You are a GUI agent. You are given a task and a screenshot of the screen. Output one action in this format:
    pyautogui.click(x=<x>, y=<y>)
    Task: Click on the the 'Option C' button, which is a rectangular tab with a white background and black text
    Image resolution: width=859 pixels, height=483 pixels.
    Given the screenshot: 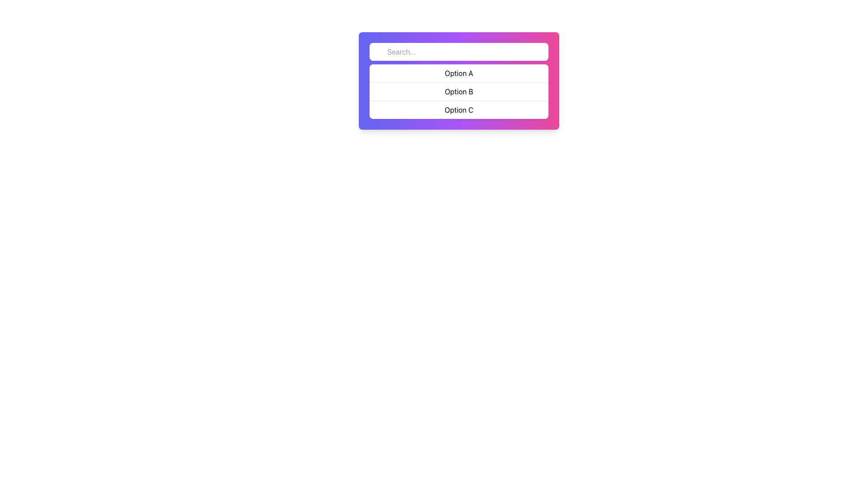 What is the action you would take?
    pyautogui.click(x=459, y=109)
    